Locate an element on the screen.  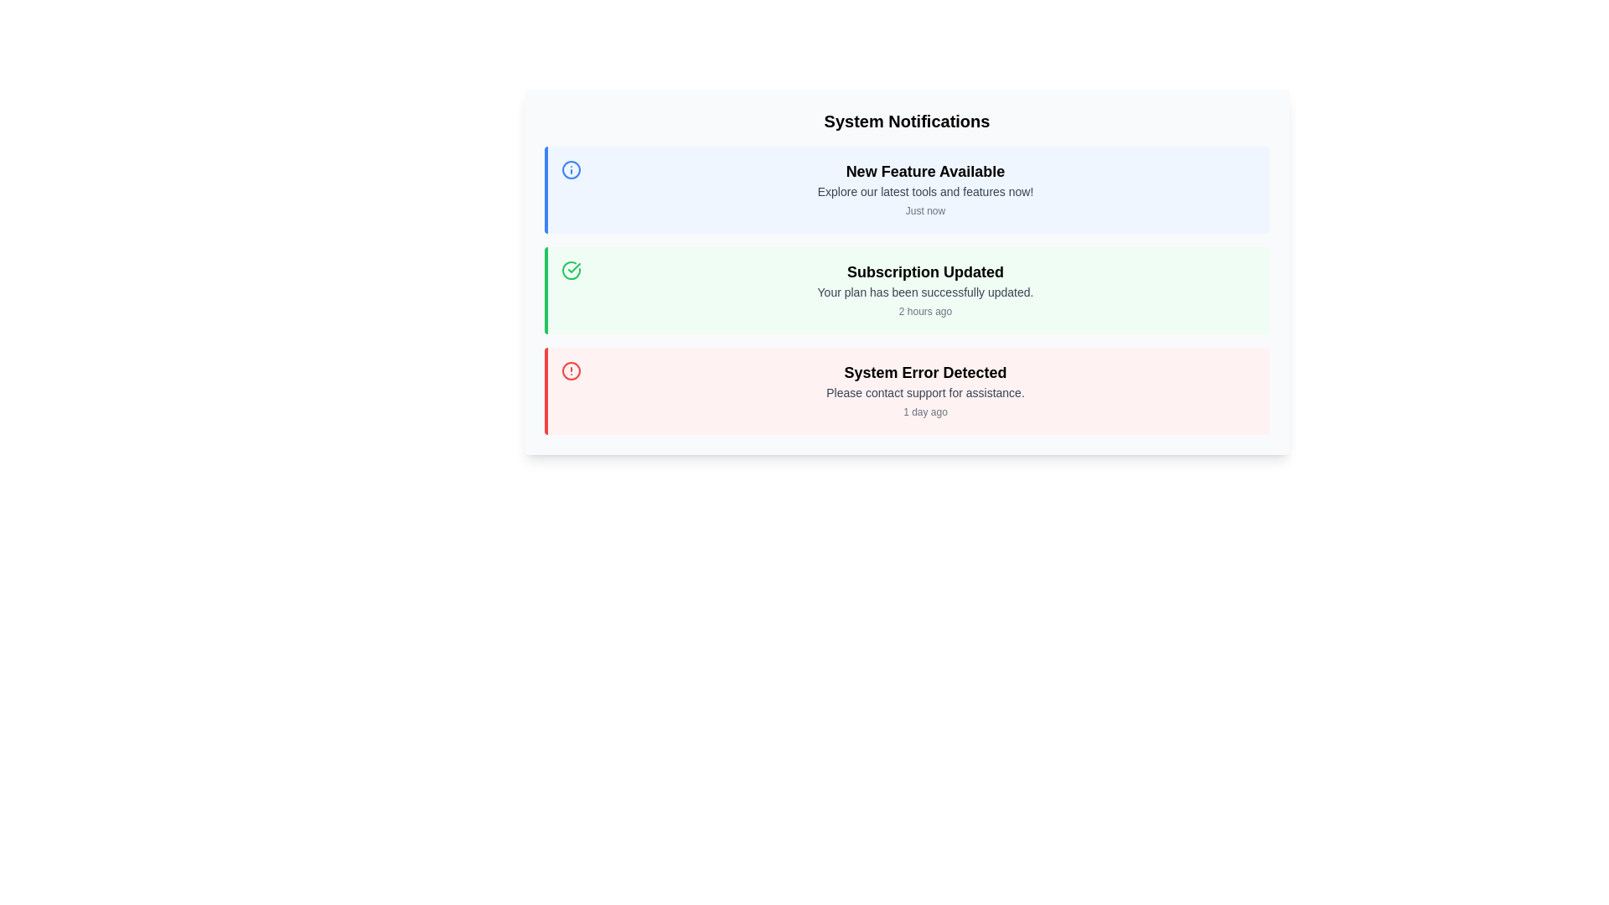
the circular outline-style blue information icon located at the top-left corner inside the blue notification card, which features a central dot and a vertical line beneath it is located at coordinates (571, 170).